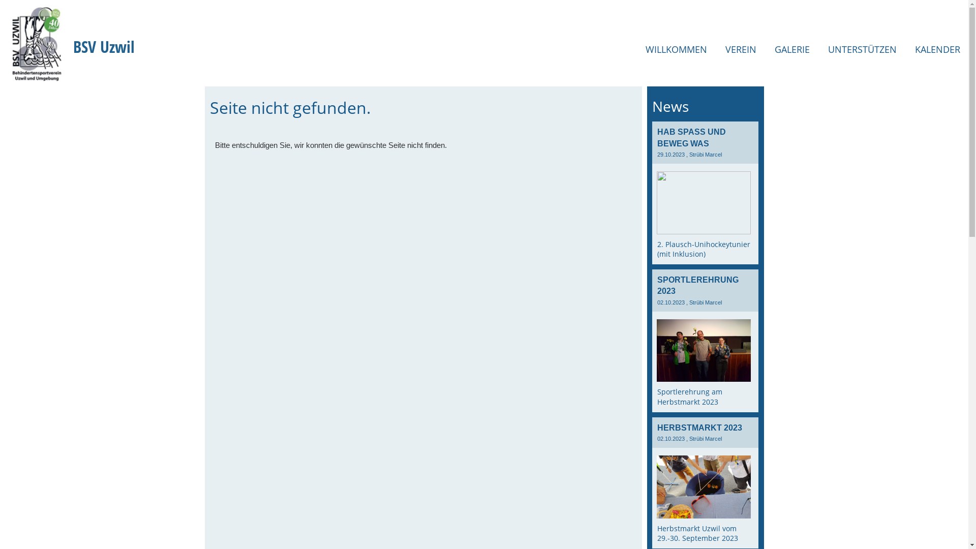 This screenshot has height=549, width=976. What do you see at coordinates (676, 49) in the screenshot?
I see `'WILLKOMMEN'` at bounding box center [676, 49].